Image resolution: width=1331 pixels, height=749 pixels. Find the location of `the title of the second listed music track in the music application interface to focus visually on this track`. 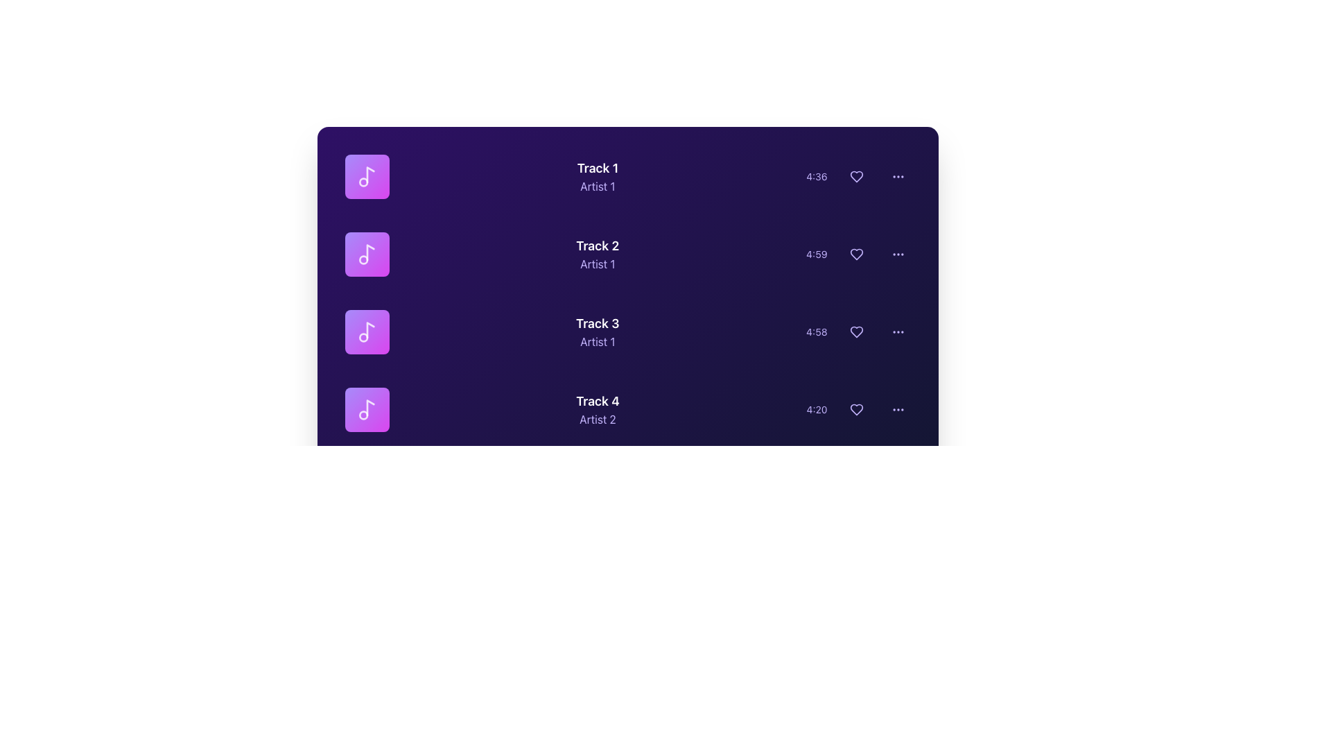

the title of the second listed music track in the music application interface to focus visually on this track is located at coordinates (598, 245).